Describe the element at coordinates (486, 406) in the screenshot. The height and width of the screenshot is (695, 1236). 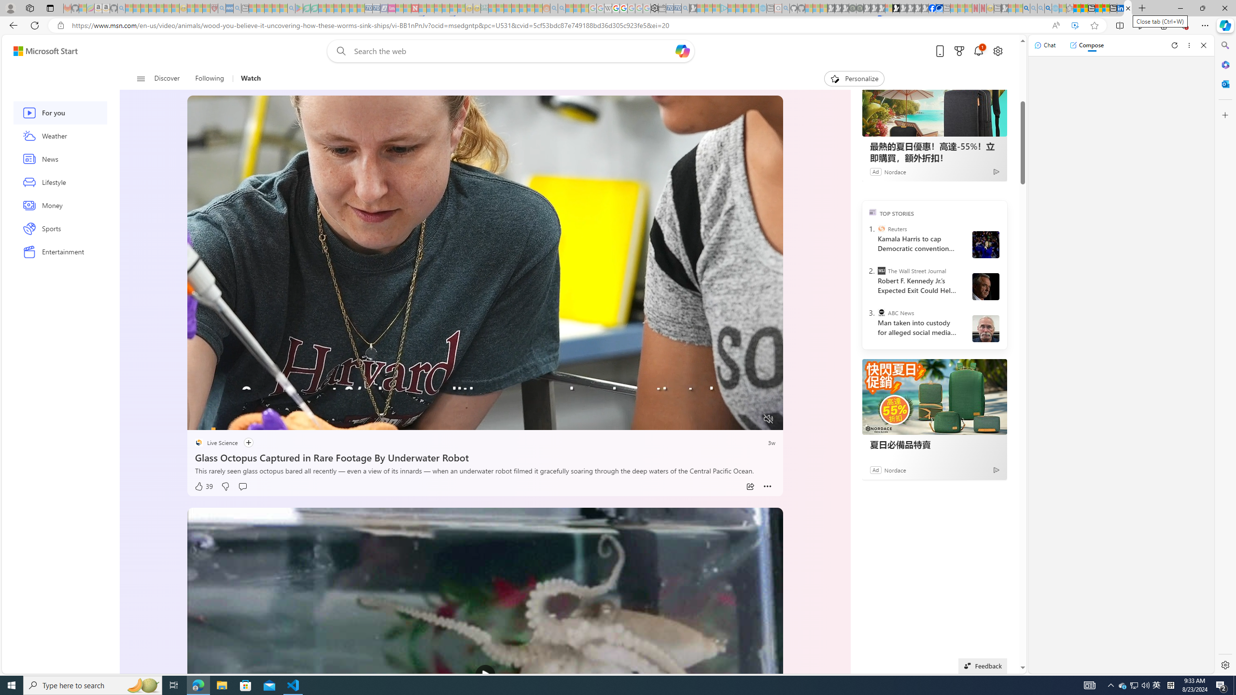
I see `'Progress Bar'` at that location.